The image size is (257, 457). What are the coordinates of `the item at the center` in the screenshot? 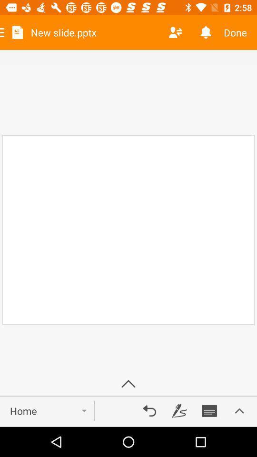 It's located at (128, 229).